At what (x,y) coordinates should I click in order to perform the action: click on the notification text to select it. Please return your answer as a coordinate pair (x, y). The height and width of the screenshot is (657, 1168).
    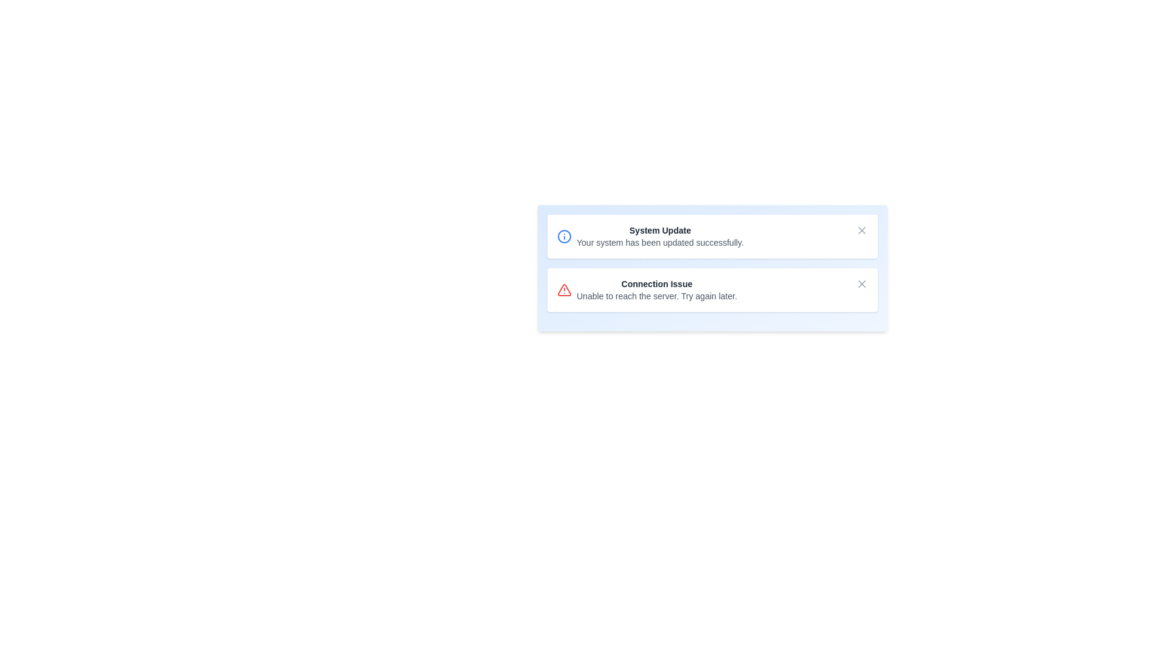
    Looking at the image, I should click on (659, 237).